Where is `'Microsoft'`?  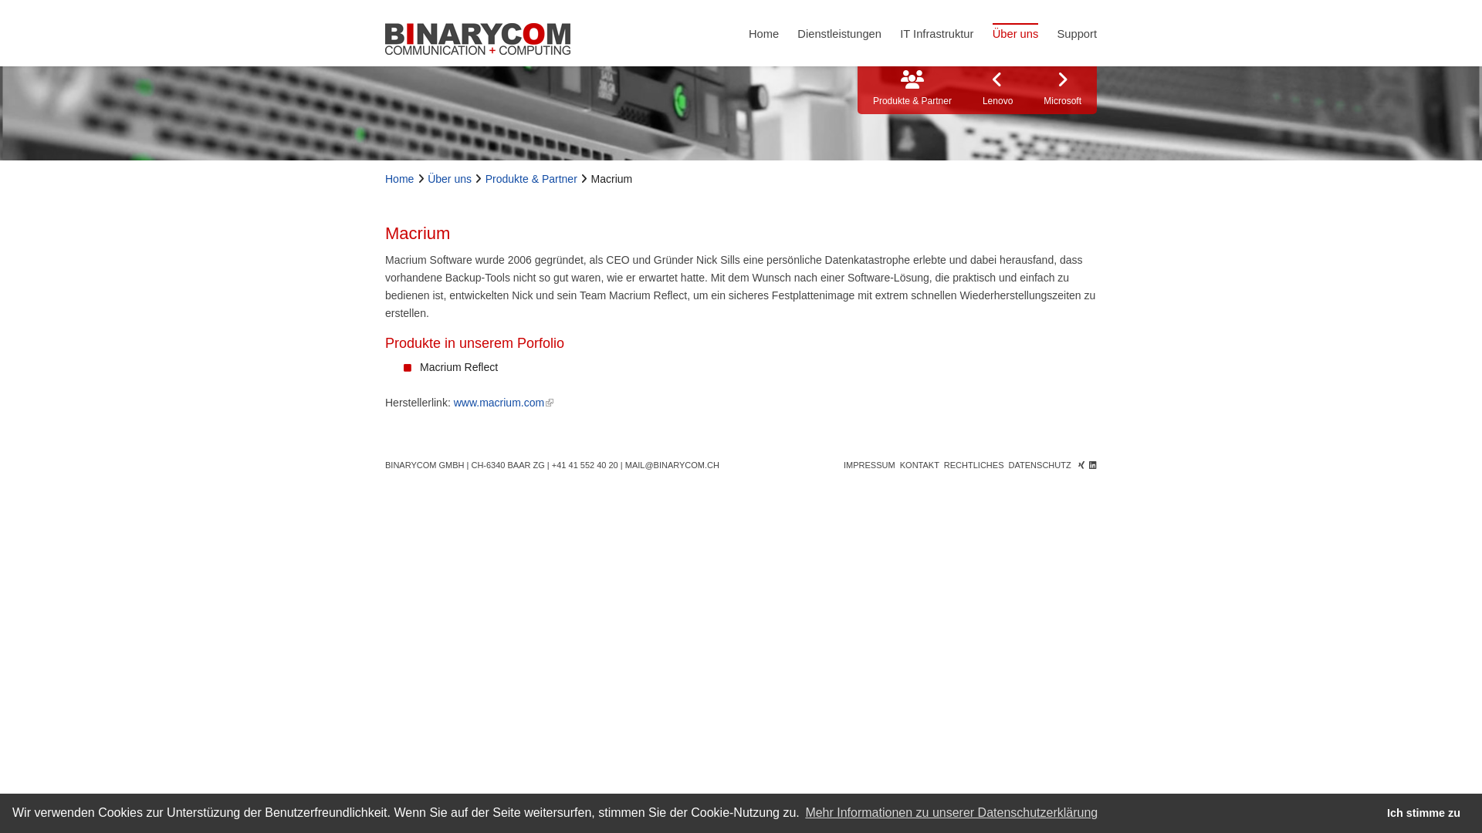 'Microsoft' is located at coordinates (1061, 89).